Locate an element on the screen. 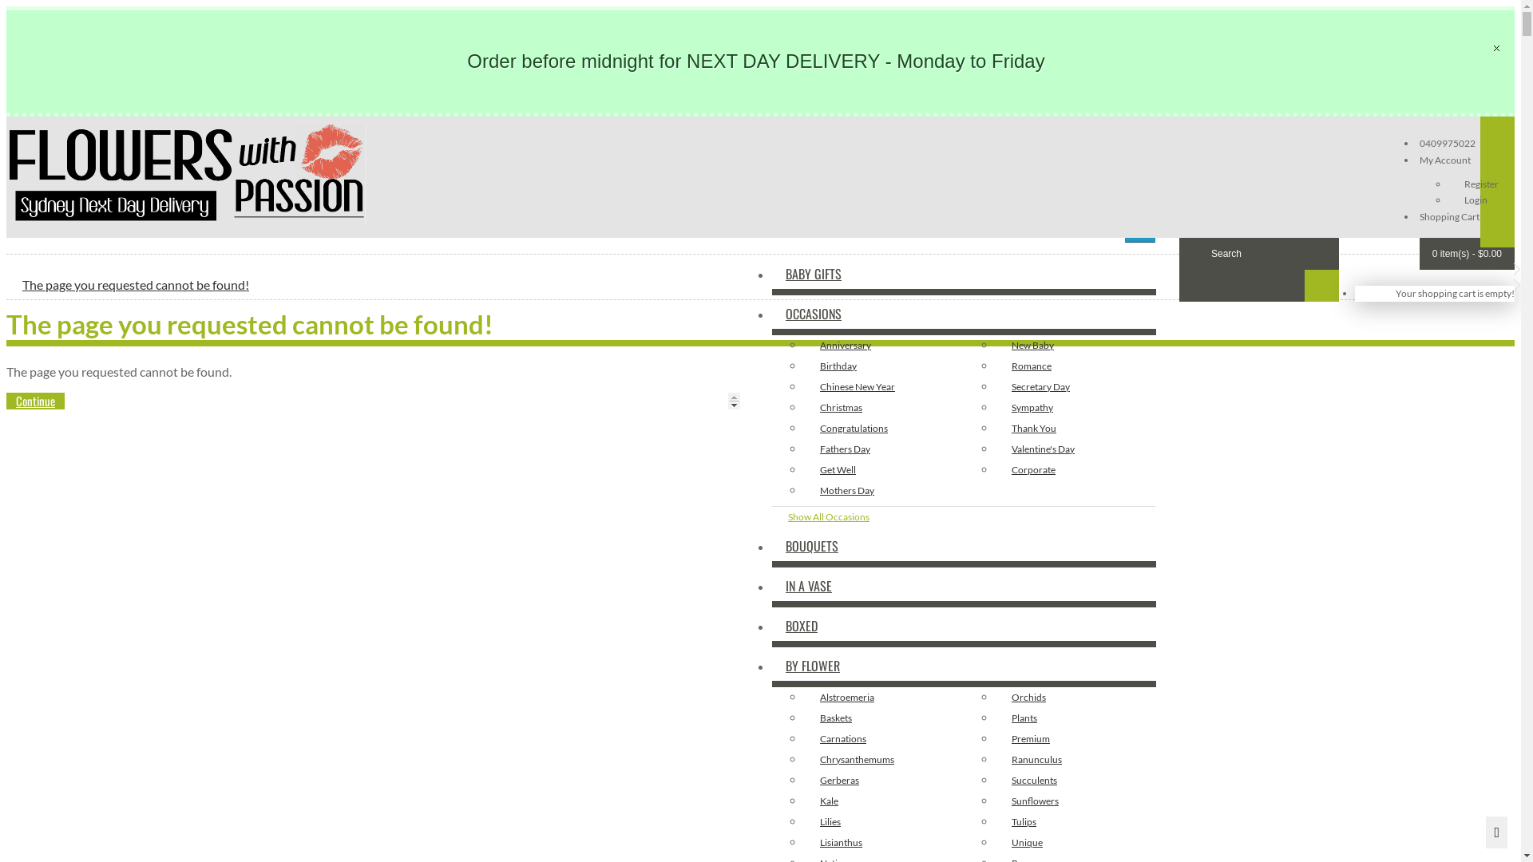 This screenshot has height=862, width=1533. 'Ranunculus' is located at coordinates (1075, 758).